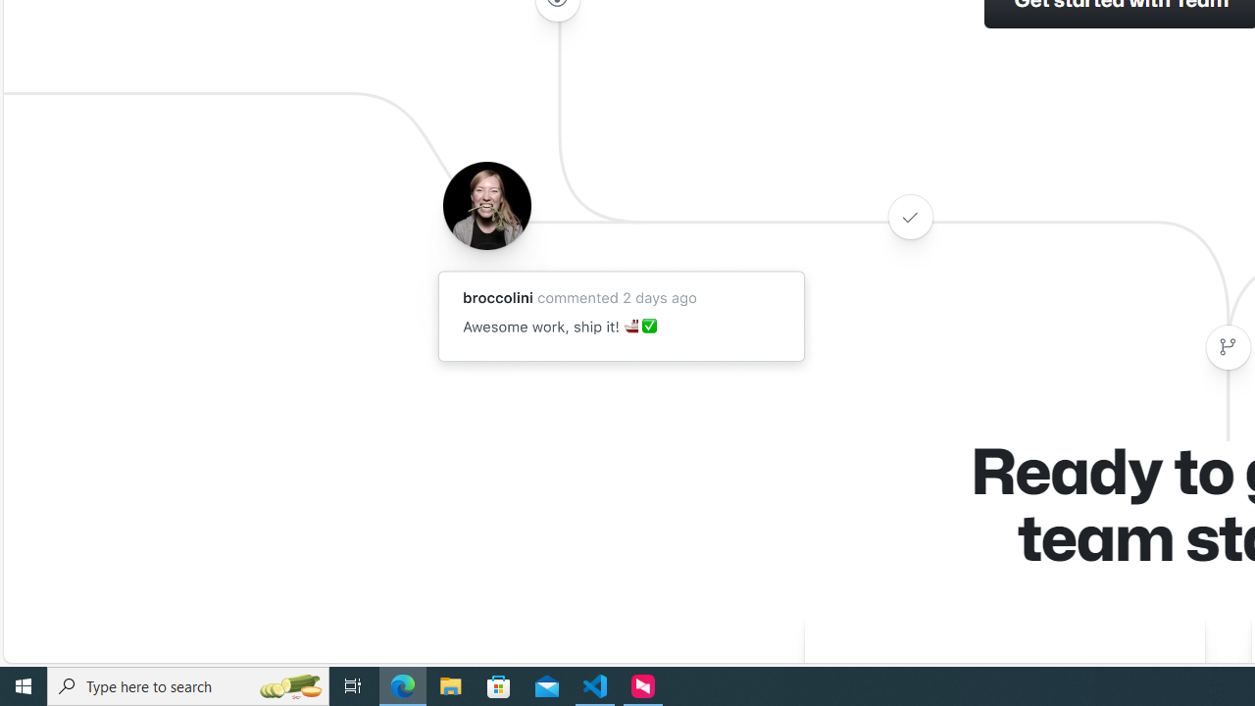  Describe the element at coordinates (1227, 346) in the screenshot. I see `'Class: color-fg-muted width-full'` at that location.